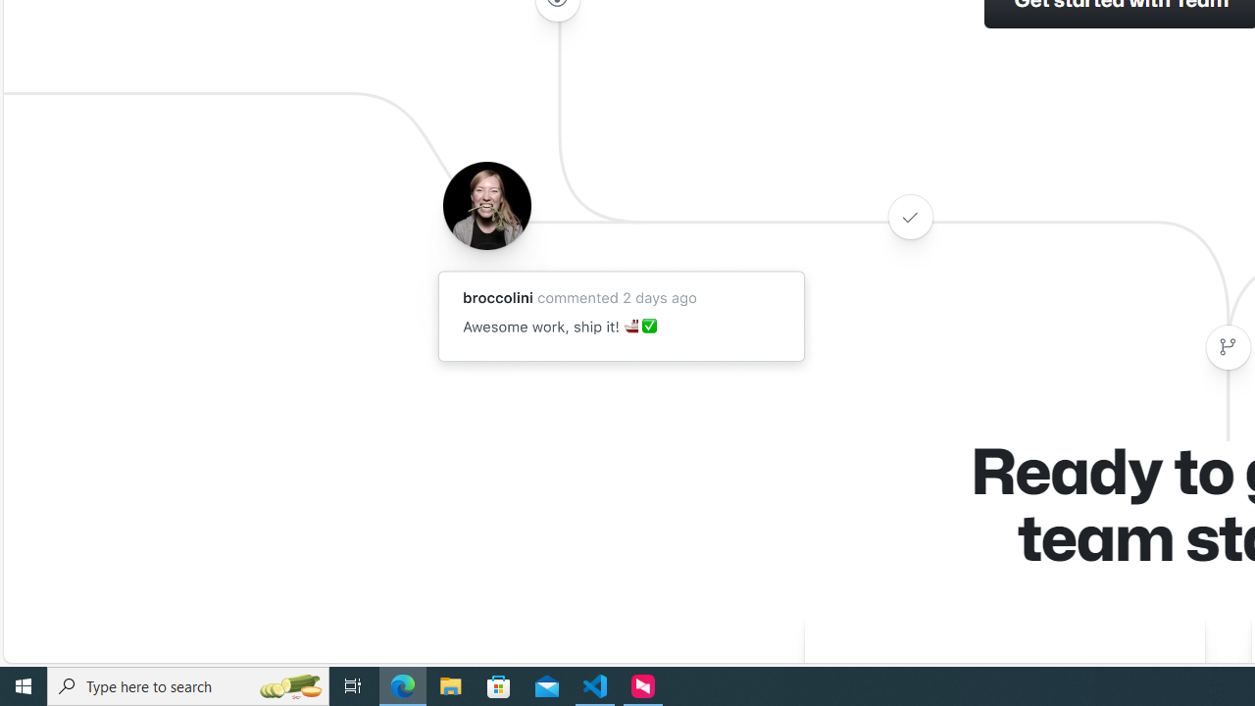  Describe the element at coordinates (1227, 346) in the screenshot. I see `'Class: color-fg-muted width-full'` at that location.